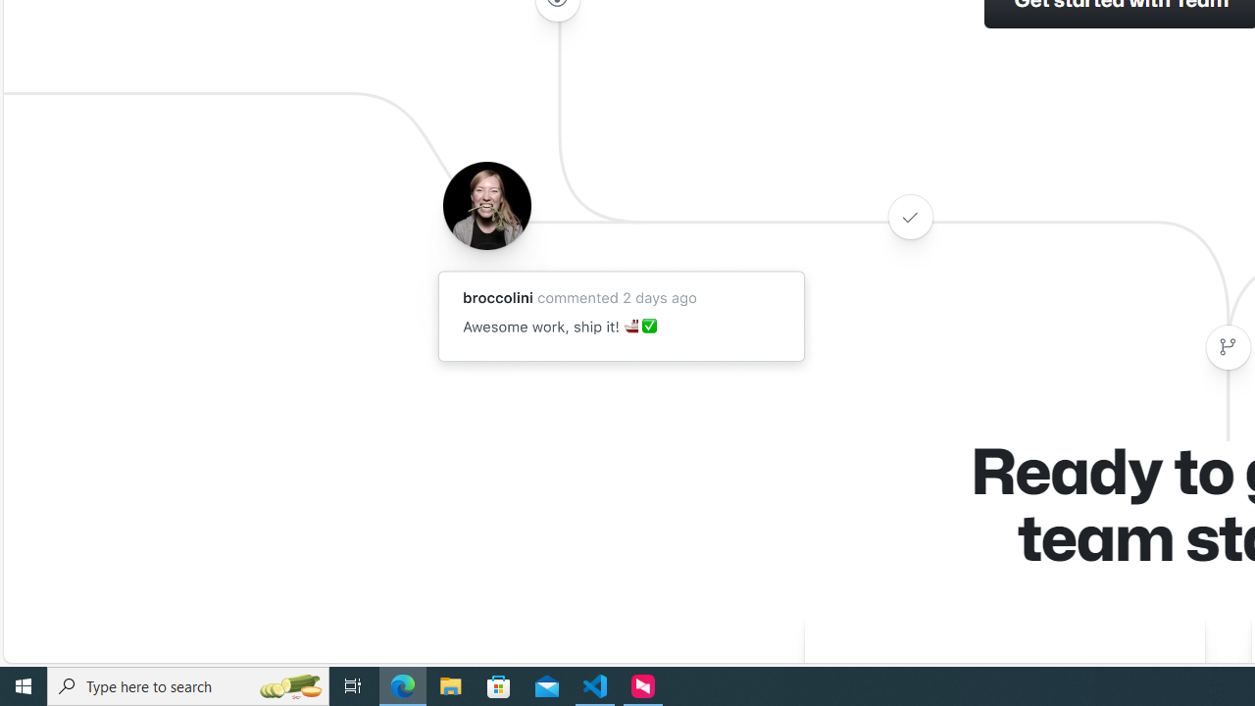  Describe the element at coordinates (1227, 346) in the screenshot. I see `'Class: color-fg-muted width-full'` at that location.